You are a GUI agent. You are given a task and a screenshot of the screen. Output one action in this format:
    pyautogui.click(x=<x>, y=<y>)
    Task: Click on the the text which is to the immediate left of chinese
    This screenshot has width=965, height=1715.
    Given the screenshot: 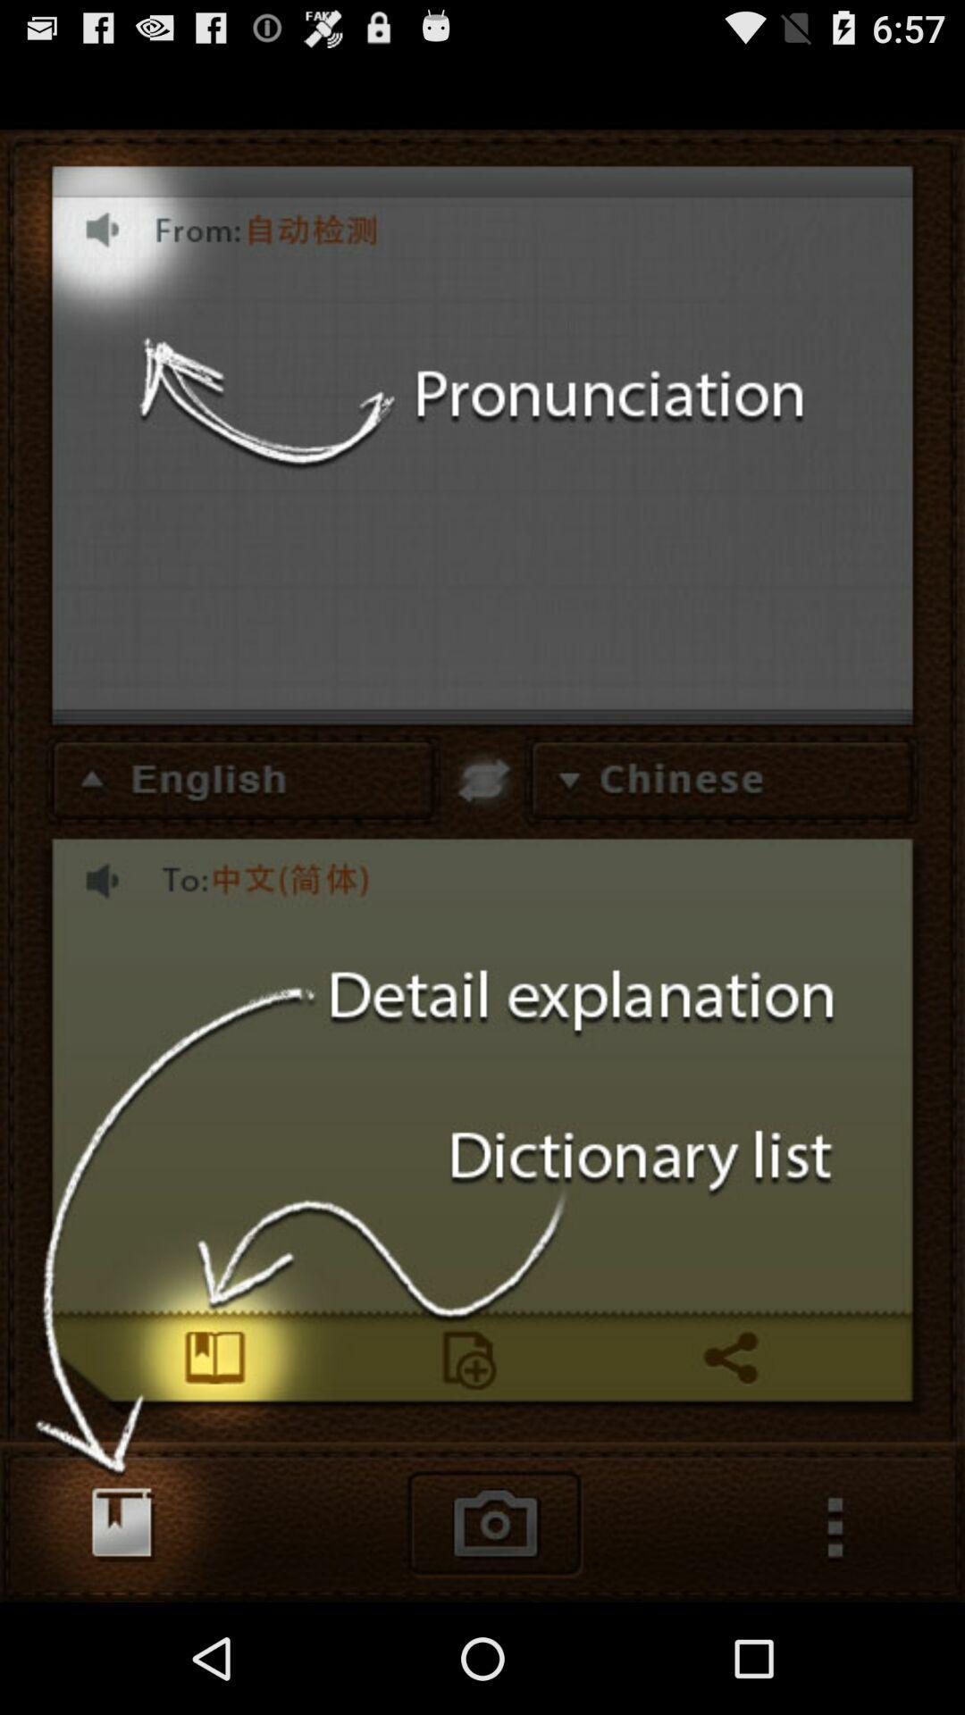 What is the action you would take?
    pyautogui.click(x=225, y=771)
    